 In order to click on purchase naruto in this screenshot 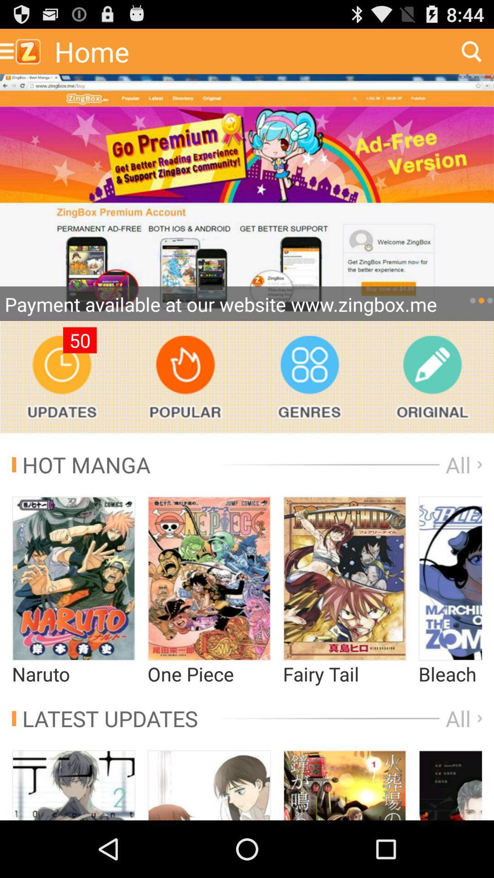, I will do `click(73, 578)`.